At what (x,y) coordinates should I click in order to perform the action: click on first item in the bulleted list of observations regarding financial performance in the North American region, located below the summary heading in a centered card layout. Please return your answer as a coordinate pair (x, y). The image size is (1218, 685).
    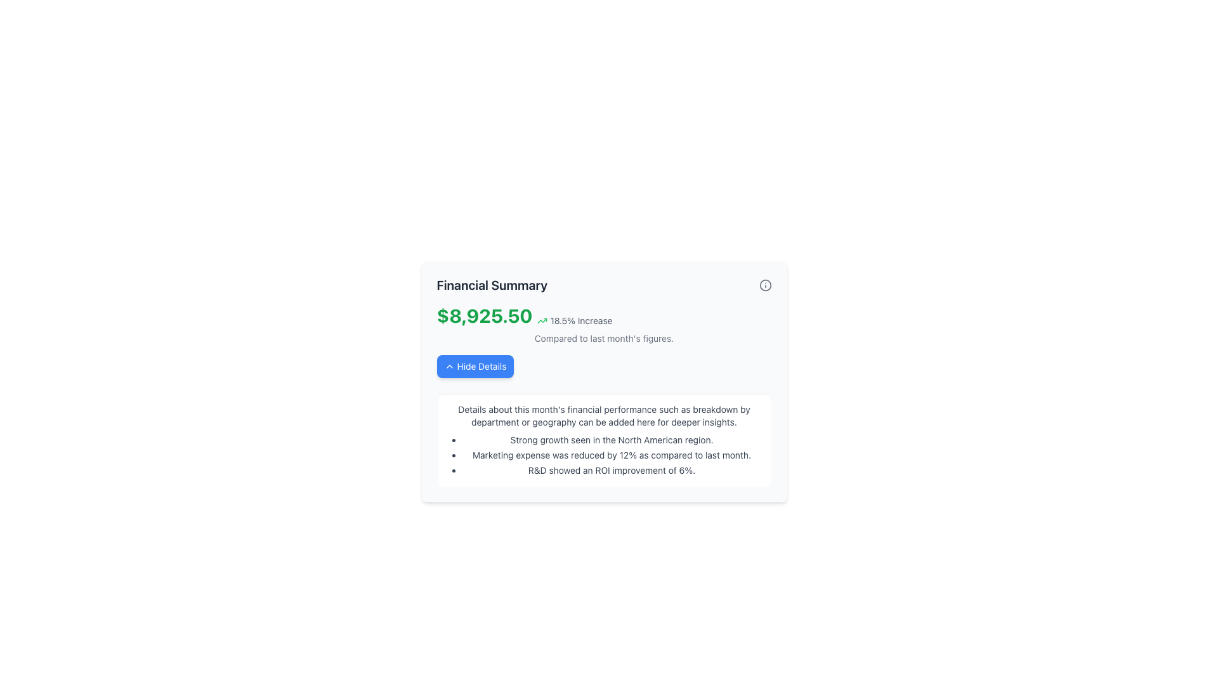
    Looking at the image, I should click on (612, 440).